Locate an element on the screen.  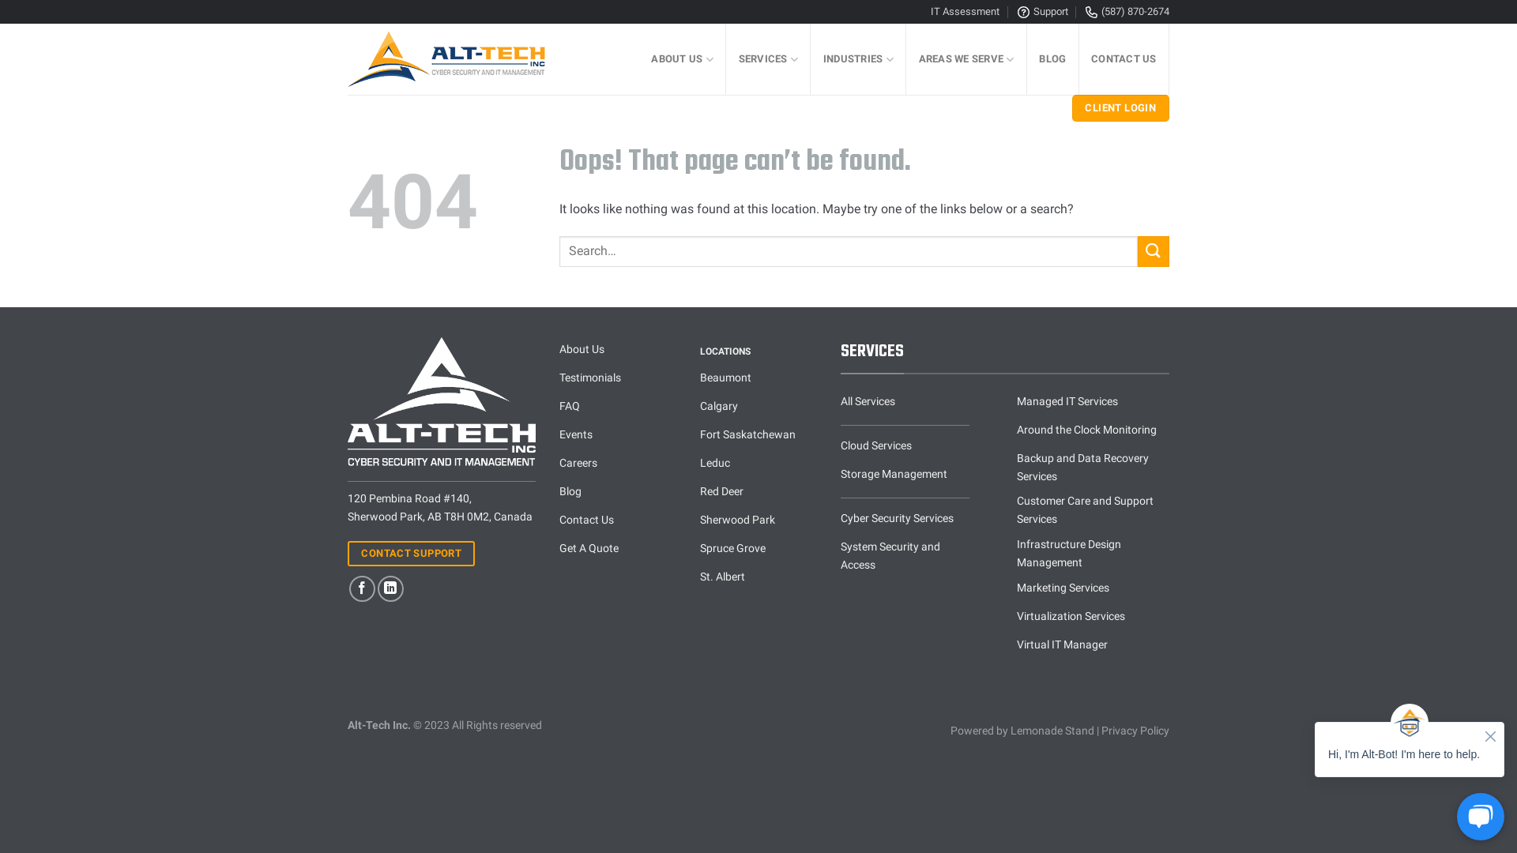
'Spruce Grove' is located at coordinates (699, 550).